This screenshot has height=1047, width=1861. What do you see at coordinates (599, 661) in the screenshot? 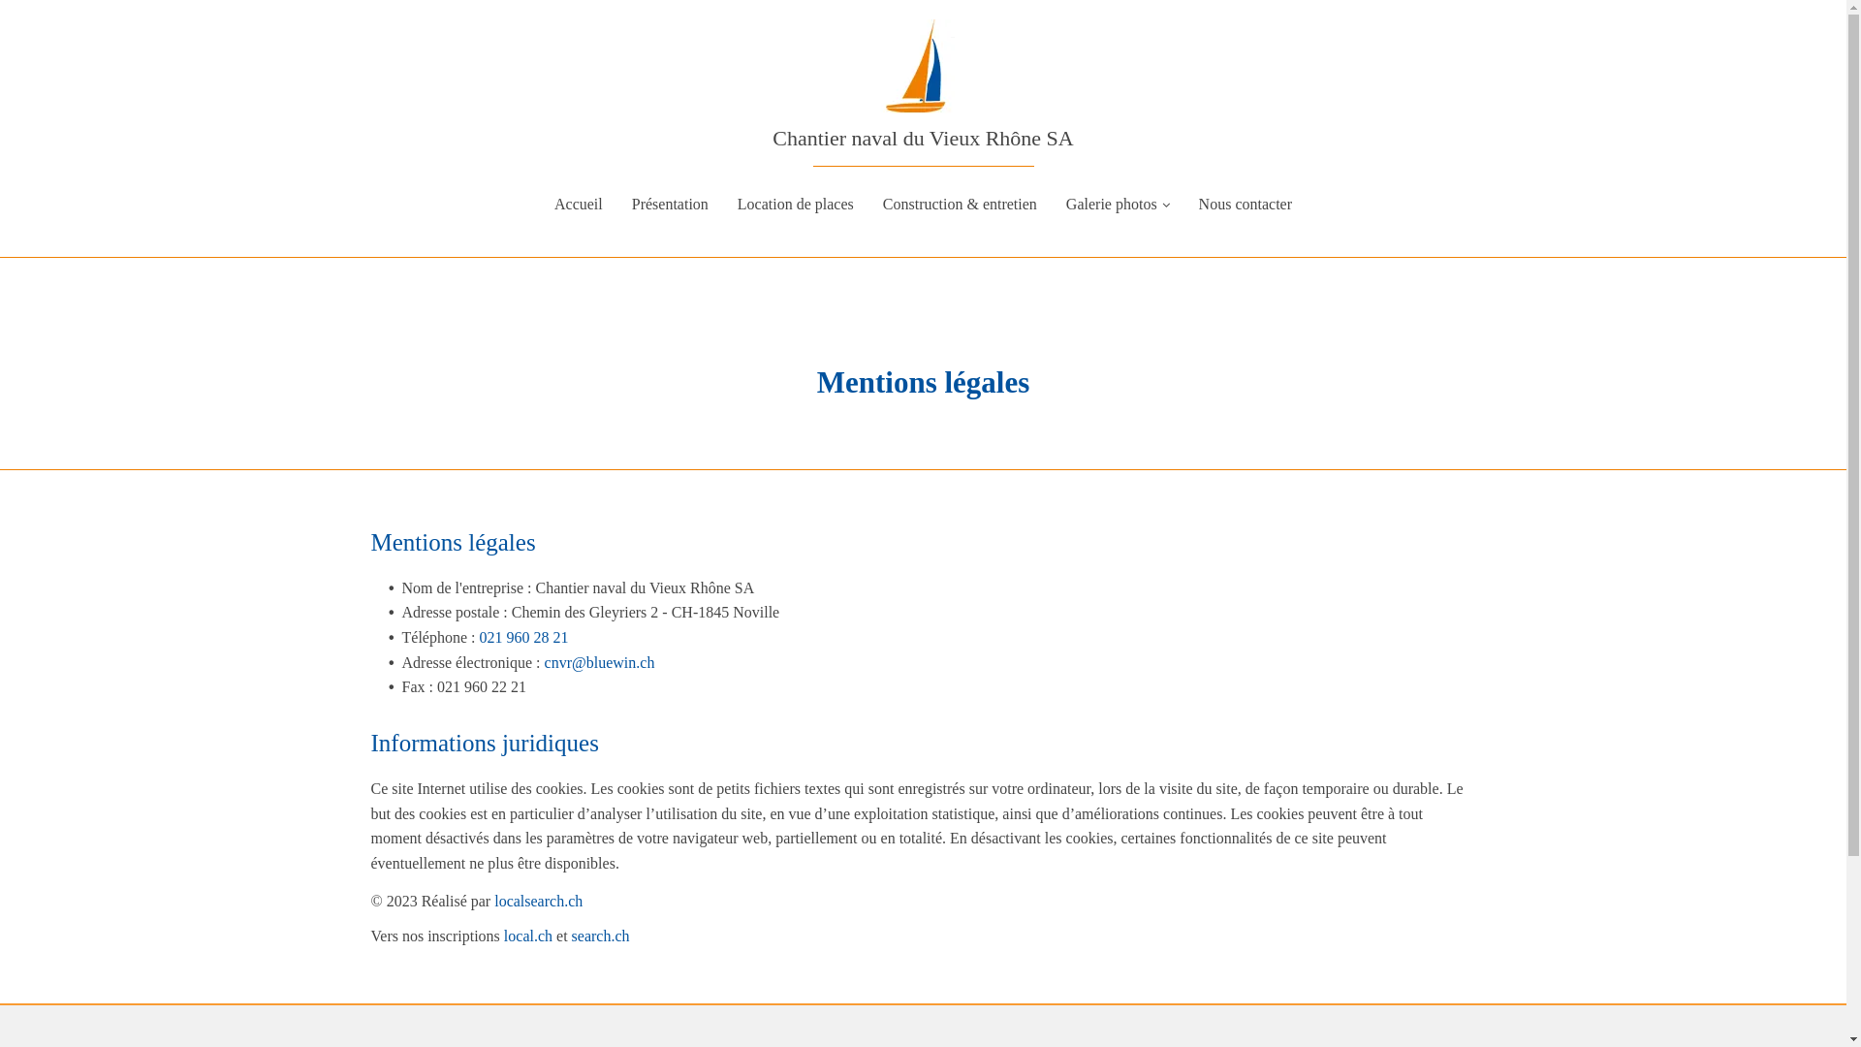
I see `'cnvr@bluewin.ch'` at bounding box center [599, 661].